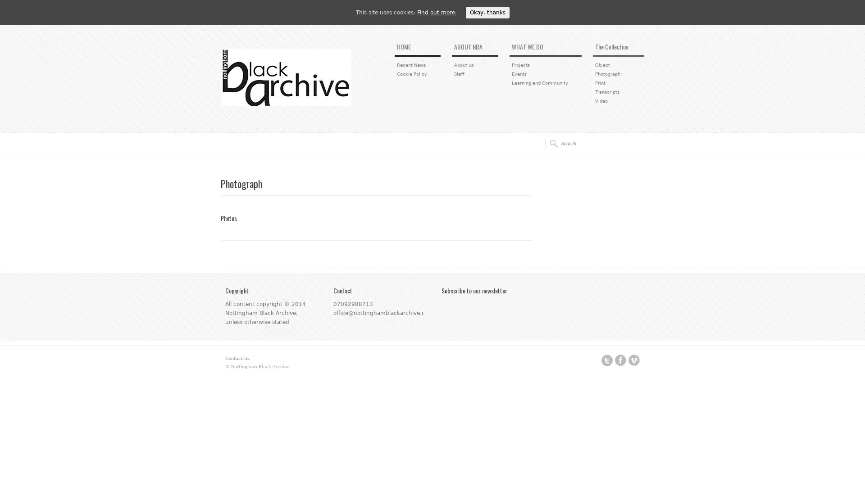  I want to click on Okay, thanks, so click(487, 12).